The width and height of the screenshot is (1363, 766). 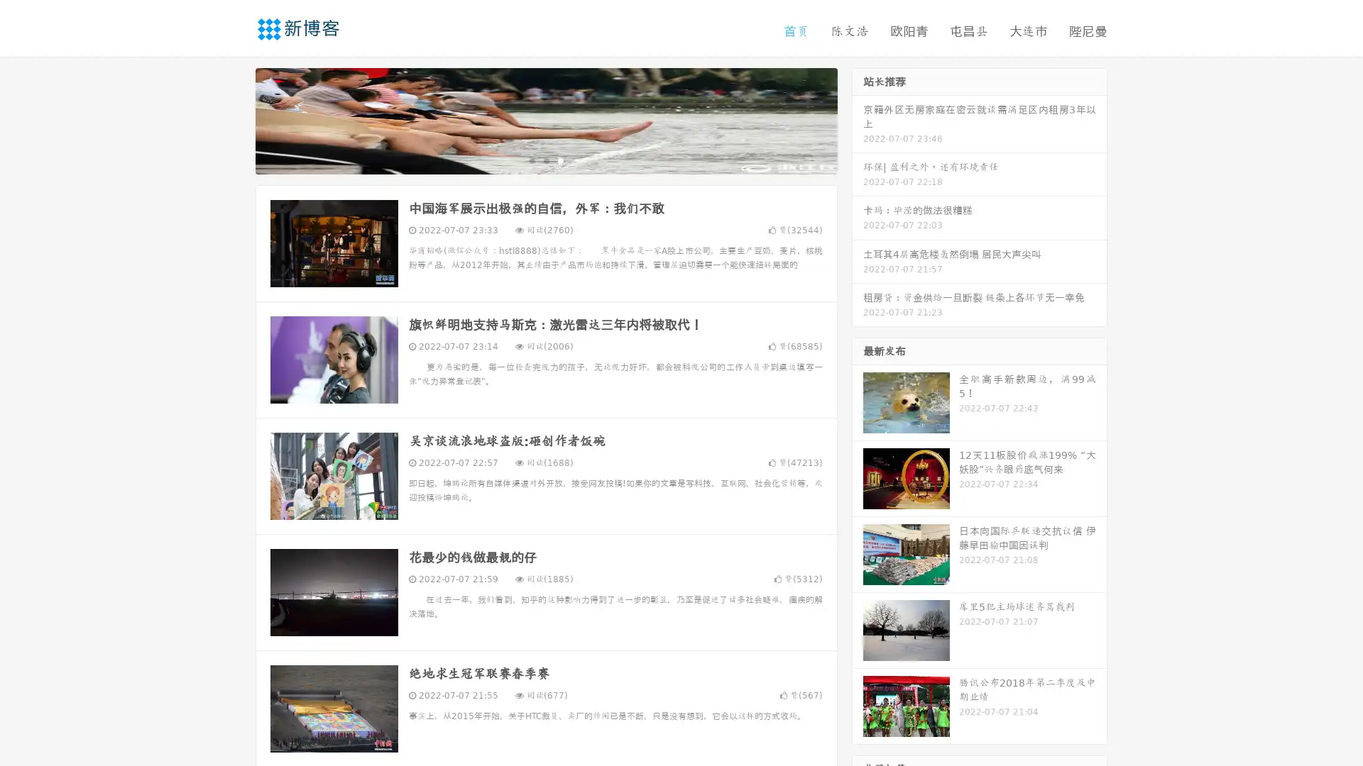 I want to click on Previous slide, so click(x=234, y=119).